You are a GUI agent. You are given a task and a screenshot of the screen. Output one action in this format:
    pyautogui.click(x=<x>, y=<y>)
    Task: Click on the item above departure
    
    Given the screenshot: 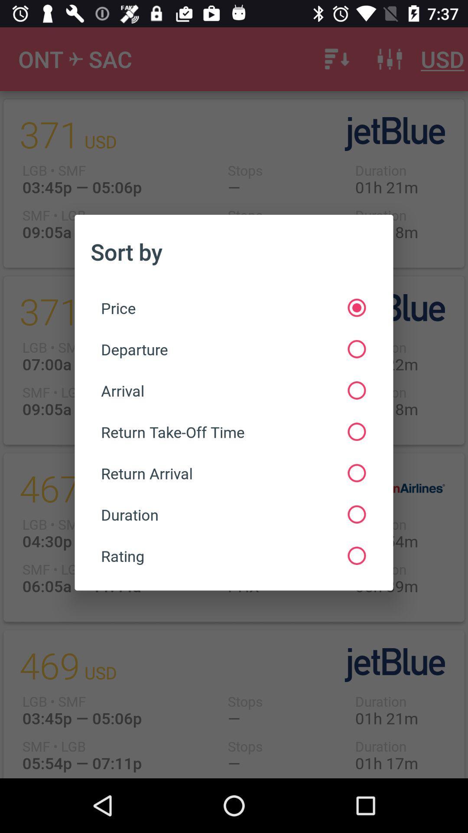 What is the action you would take?
    pyautogui.click(x=233, y=308)
    